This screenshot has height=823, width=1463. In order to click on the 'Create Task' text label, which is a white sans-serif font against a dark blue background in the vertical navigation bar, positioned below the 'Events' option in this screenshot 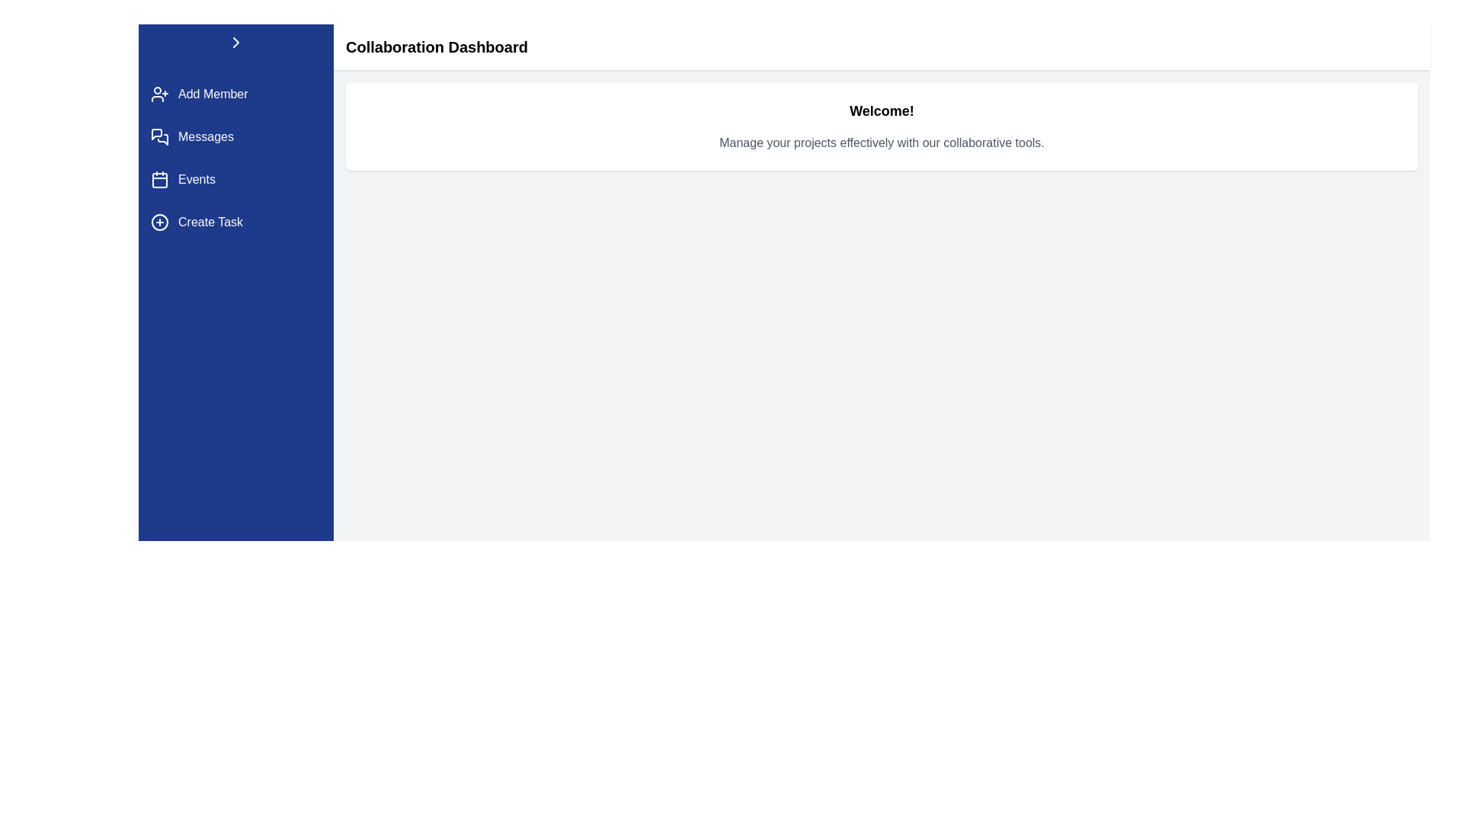, I will do `click(210, 223)`.